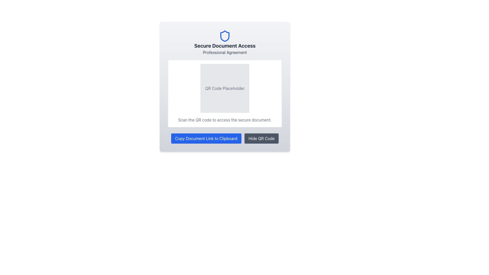  I want to click on the 'Hide QR Code' button, which is a rectangular button with a dark gray background and white text, located below the QR code placeholder and to the right of the 'Copy Document Link to Clipboard' button, so click(262, 138).